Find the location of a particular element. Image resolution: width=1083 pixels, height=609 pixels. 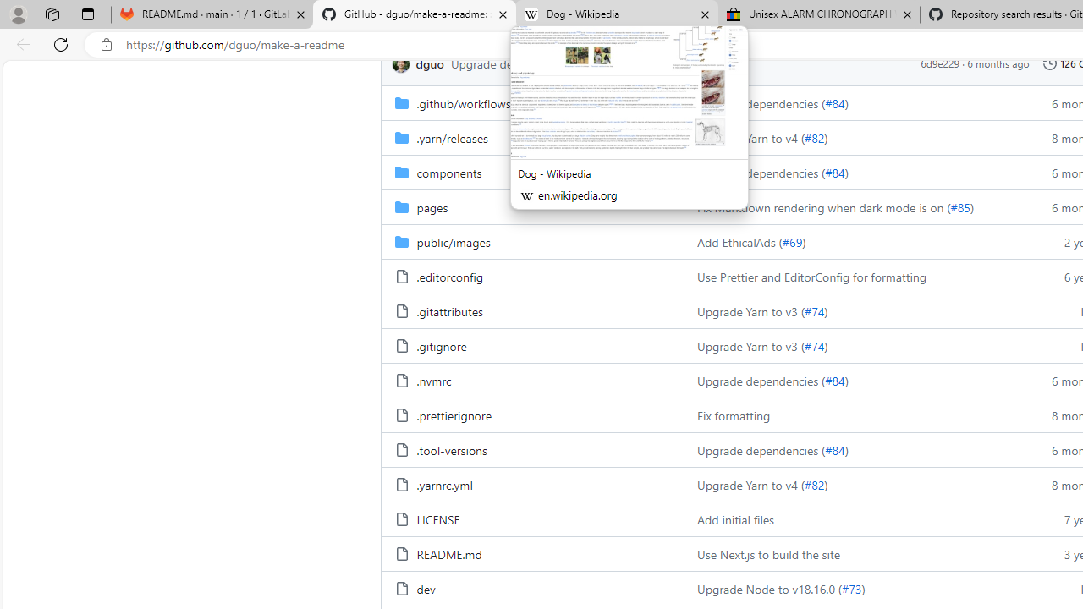

'Add EthicalAds (' is located at coordinates (739, 241).